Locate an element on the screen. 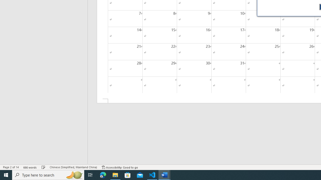 The height and width of the screenshot is (180, 321). 'Start' is located at coordinates (6, 174).